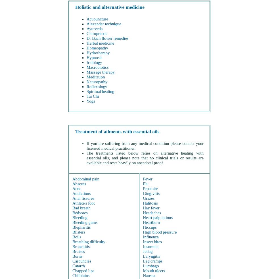 The height and width of the screenshot is (279, 278). I want to click on 'Headaches', so click(151, 212).